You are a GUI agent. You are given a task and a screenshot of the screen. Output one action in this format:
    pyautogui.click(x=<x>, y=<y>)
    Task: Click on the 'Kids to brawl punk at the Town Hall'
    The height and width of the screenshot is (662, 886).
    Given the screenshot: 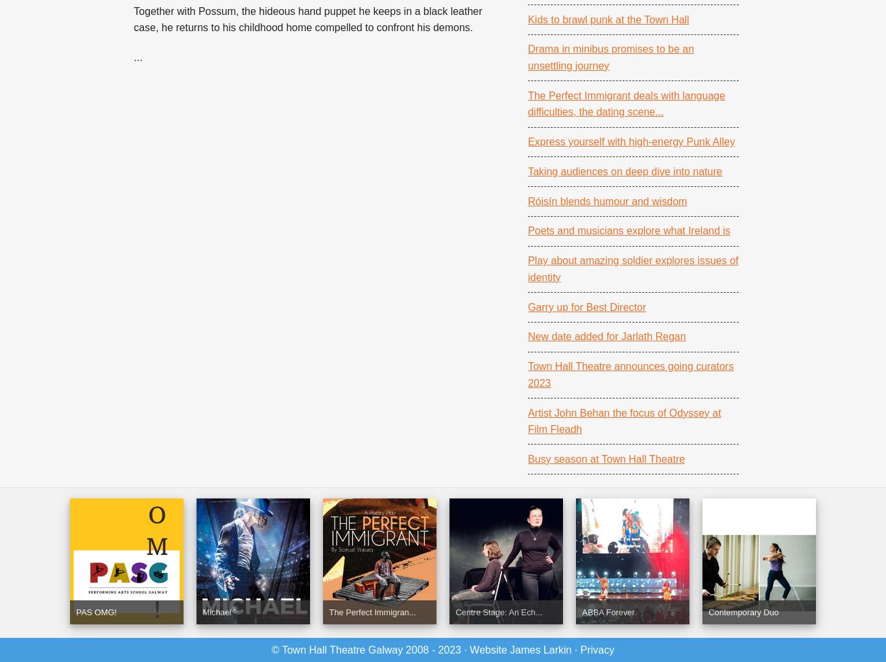 What is the action you would take?
    pyautogui.click(x=608, y=18)
    